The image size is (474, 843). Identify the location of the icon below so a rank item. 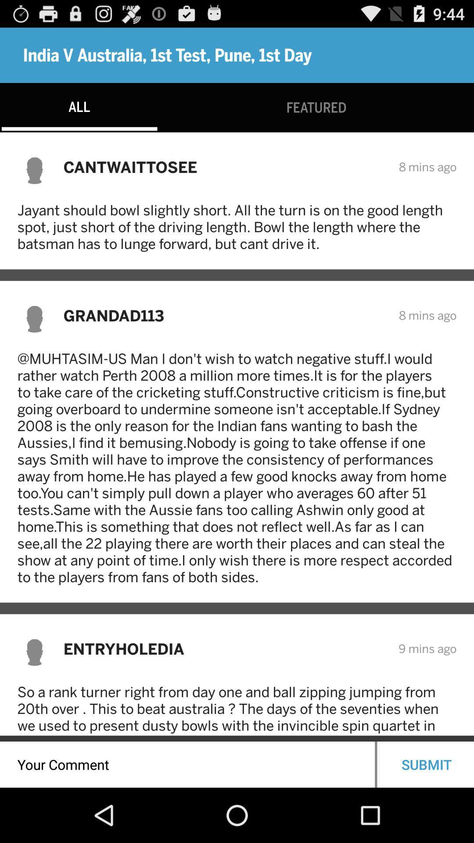
(187, 764).